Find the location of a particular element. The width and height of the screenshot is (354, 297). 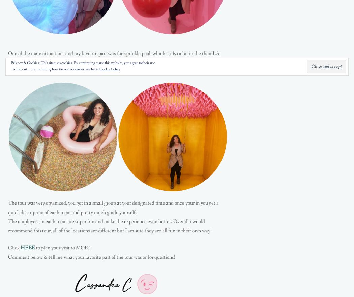

'The tour was very organized, you got in a small group at your designated time and once your in you get a quick description of each room and pretty much guide yourself.' is located at coordinates (113, 207).